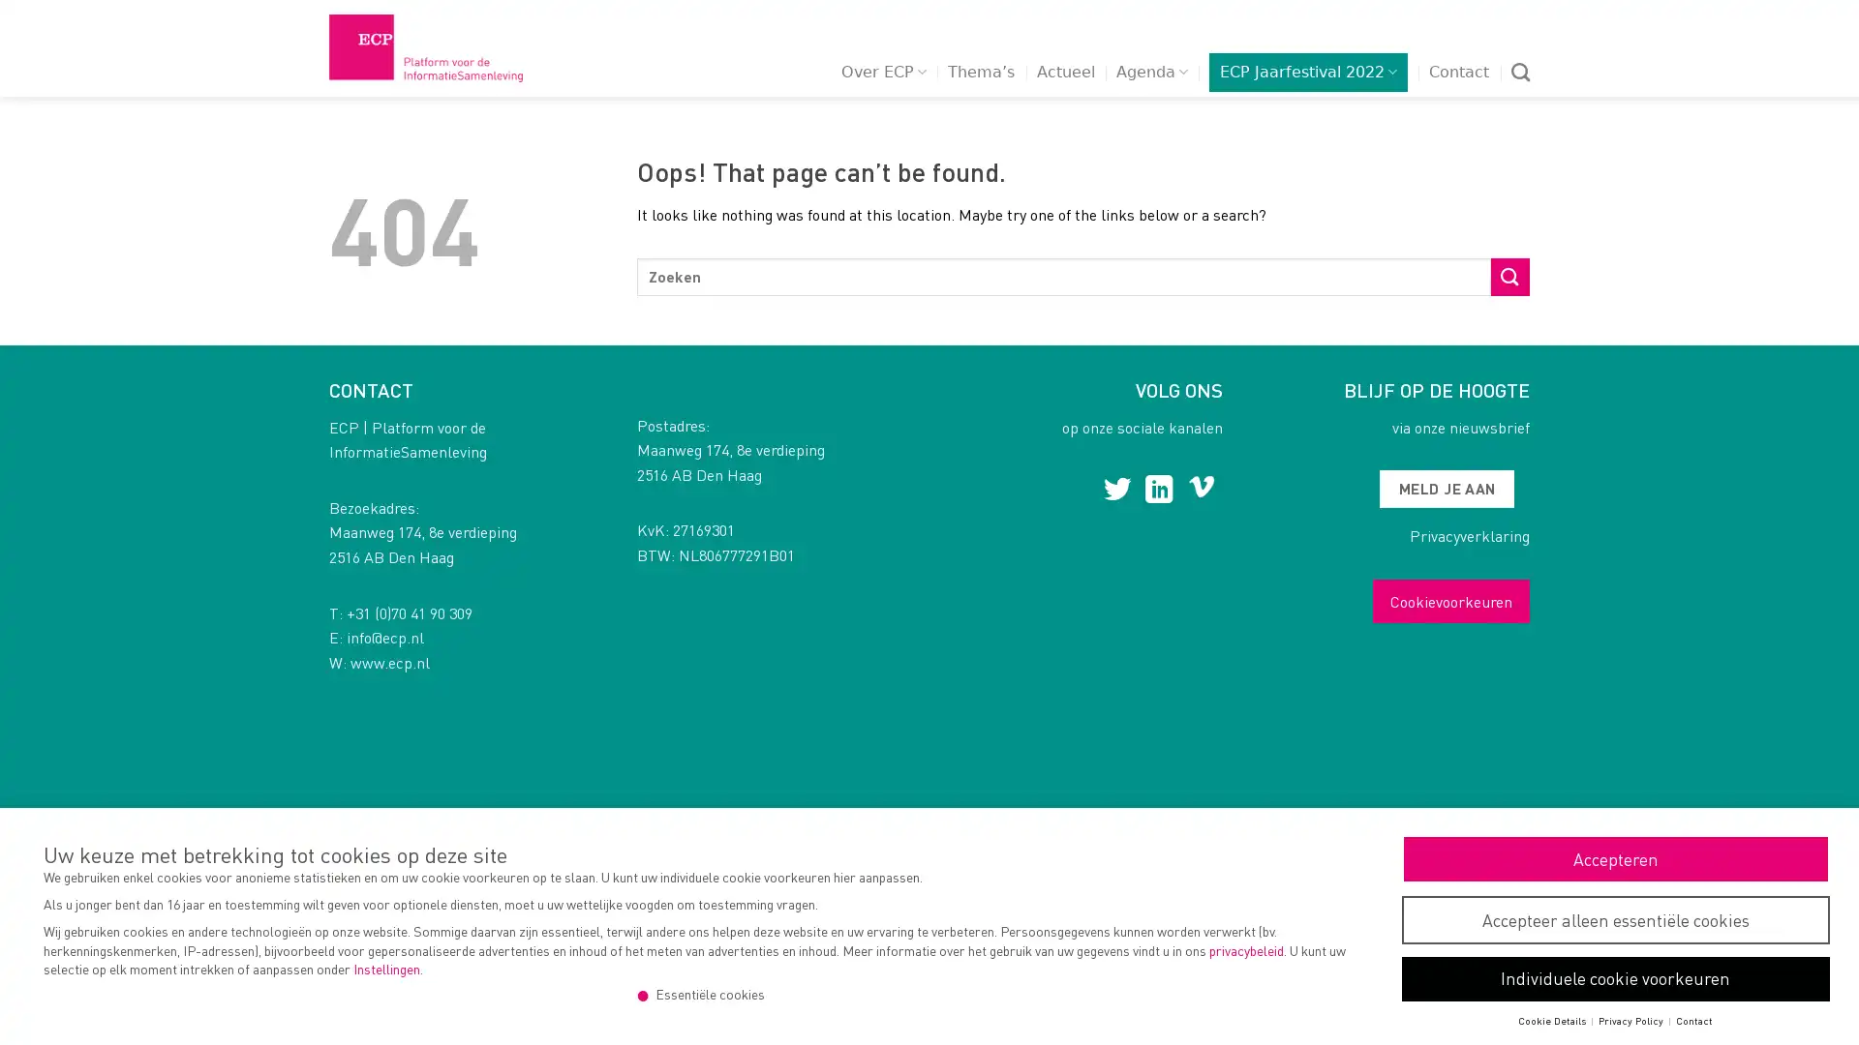 The width and height of the screenshot is (1859, 1045). What do you see at coordinates (1553, 1019) in the screenshot?
I see `Cookie Details` at bounding box center [1553, 1019].